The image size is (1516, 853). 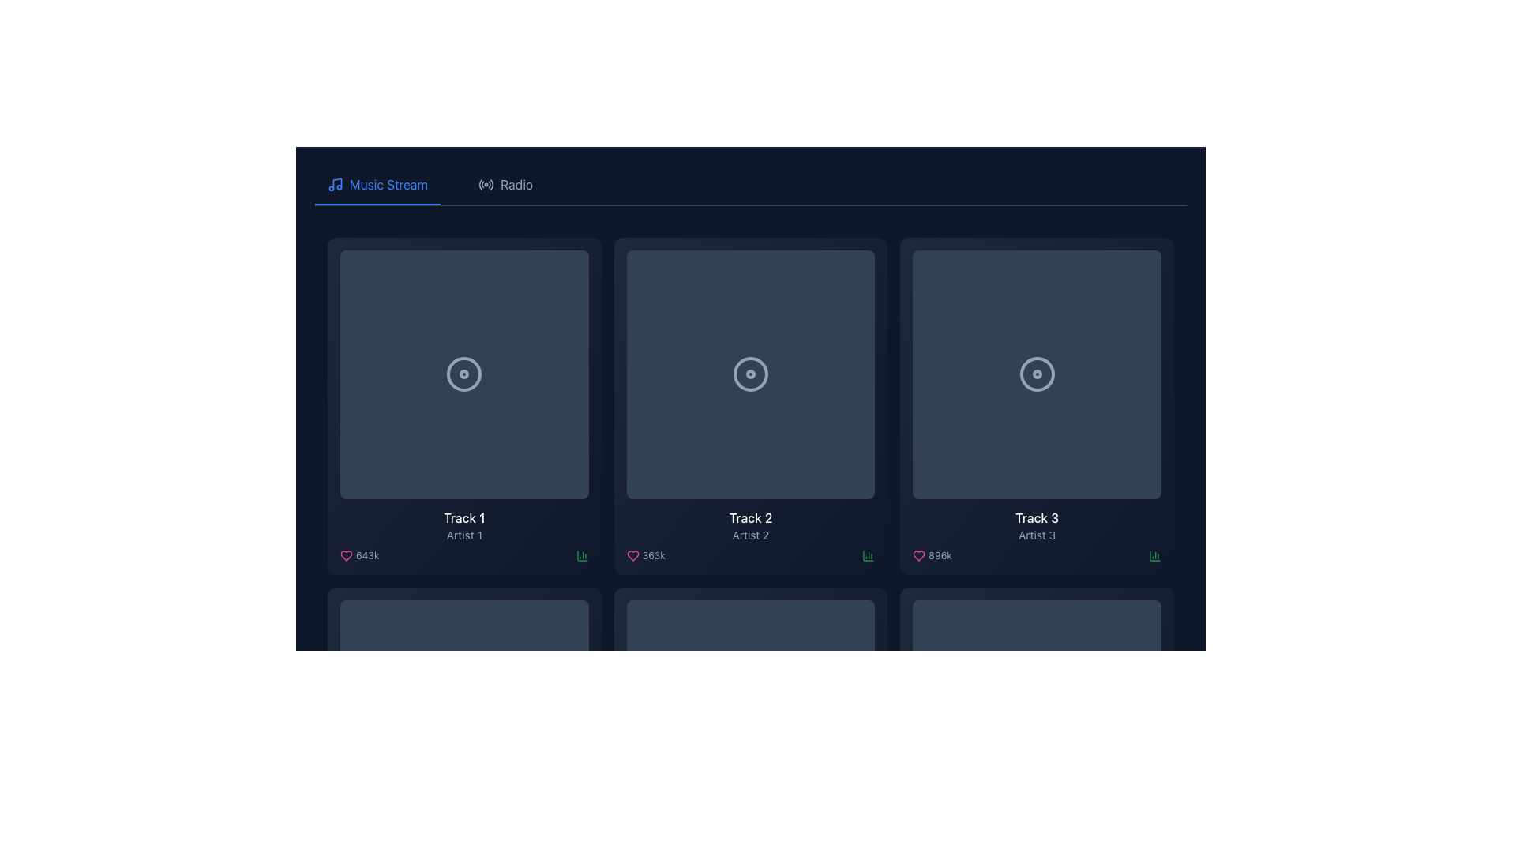 I want to click on the text label displaying '643k', located within the first track card in a grid layout, to the right of a pink heart-shaped icon, so click(x=366, y=554).